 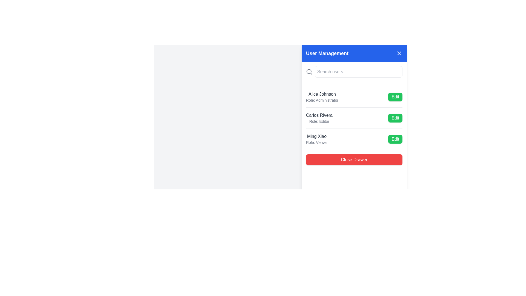 I want to click on the user entry for 'Ming Xiao' in the 'User Management' panel for accessibility navigation, so click(x=354, y=139).